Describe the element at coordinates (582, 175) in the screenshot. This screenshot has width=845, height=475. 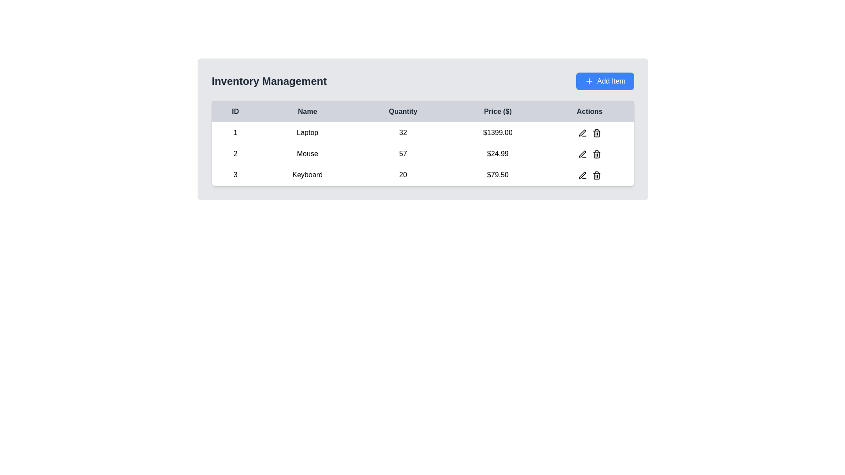
I see `the Edit icon located in the third row ('Keyboard') of the 'Actions' column in the 'Inventory Management' table` at that location.